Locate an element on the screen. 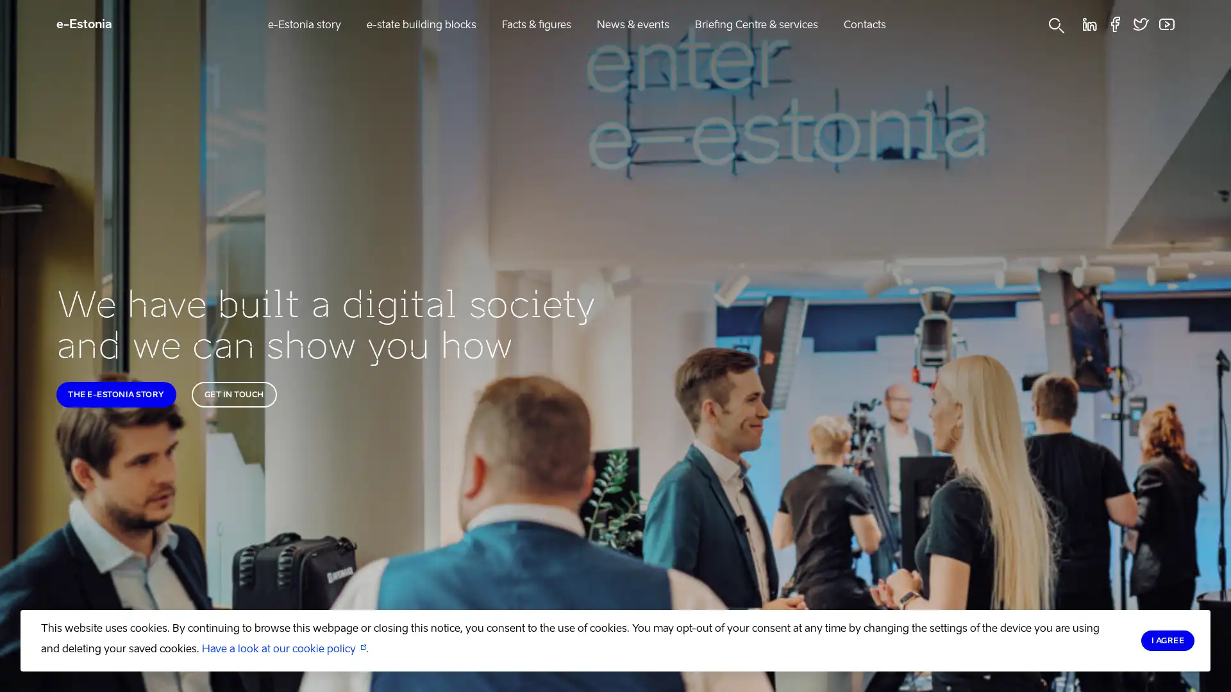  I AGREE is located at coordinates (1167, 640).